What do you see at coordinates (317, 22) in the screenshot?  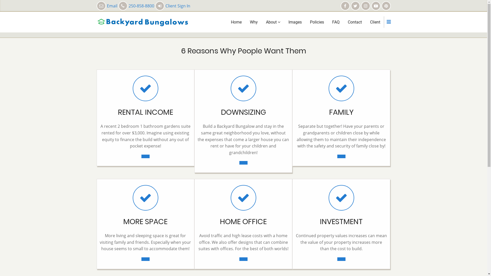 I see `'Policies'` at bounding box center [317, 22].